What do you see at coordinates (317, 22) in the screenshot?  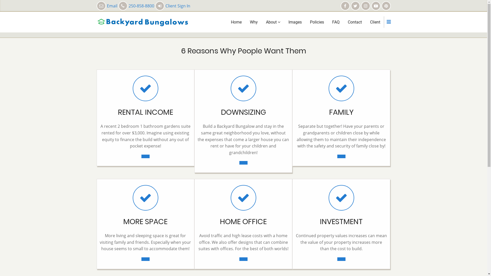 I see `'Policies'` at bounding box center [317, 22].